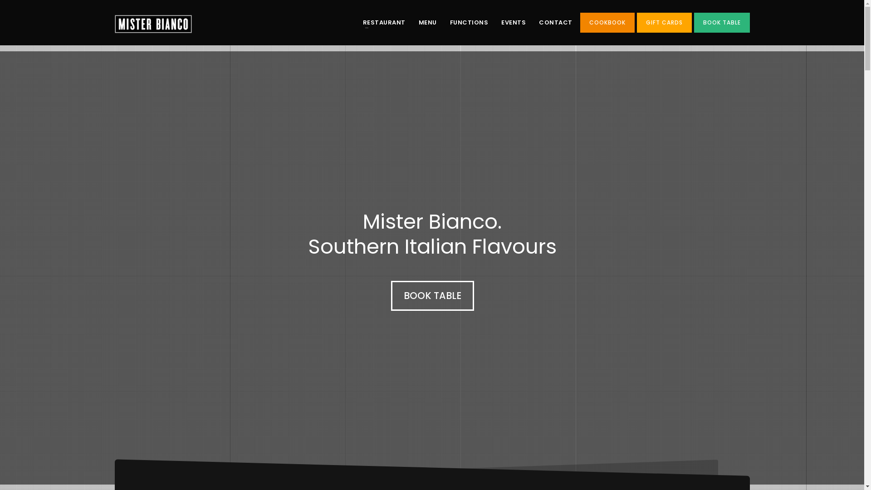 Image resolution: width=871 pixels, height=490 pixels. What do you see at coordinates (432, 295) in the screenshot?
I see `'BOOK TABLE'` at bounding box center [432, 295].